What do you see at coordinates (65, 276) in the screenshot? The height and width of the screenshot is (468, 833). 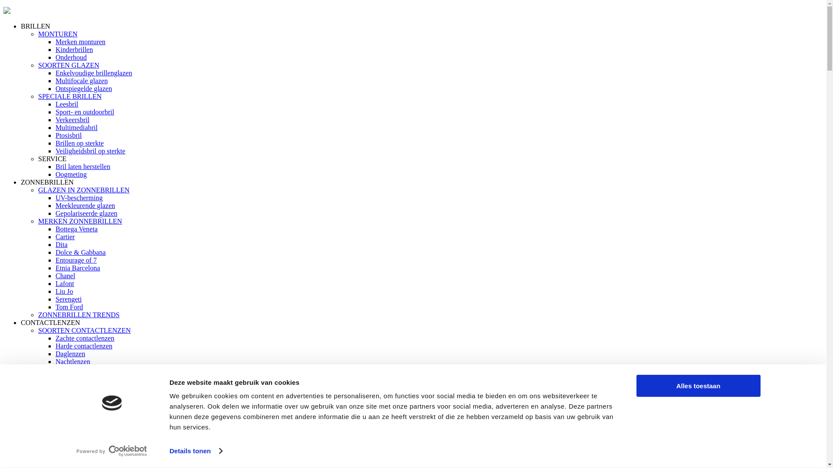 I see `'Chanel'` at bounding box center [65, 276].